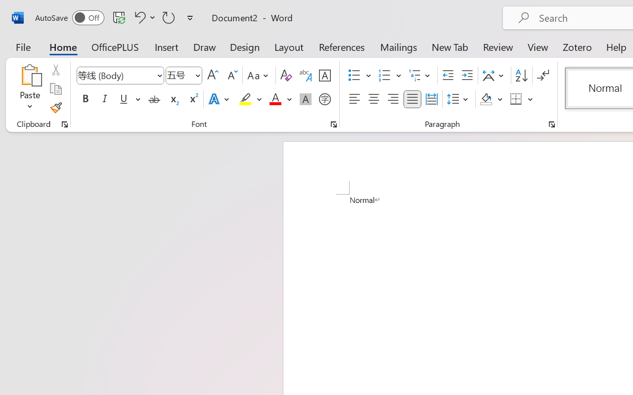 This screenshot has height=395, width=633. Describe the element at coordinates (521, 99) in the screenshot. I see `'Borders'` at that location.